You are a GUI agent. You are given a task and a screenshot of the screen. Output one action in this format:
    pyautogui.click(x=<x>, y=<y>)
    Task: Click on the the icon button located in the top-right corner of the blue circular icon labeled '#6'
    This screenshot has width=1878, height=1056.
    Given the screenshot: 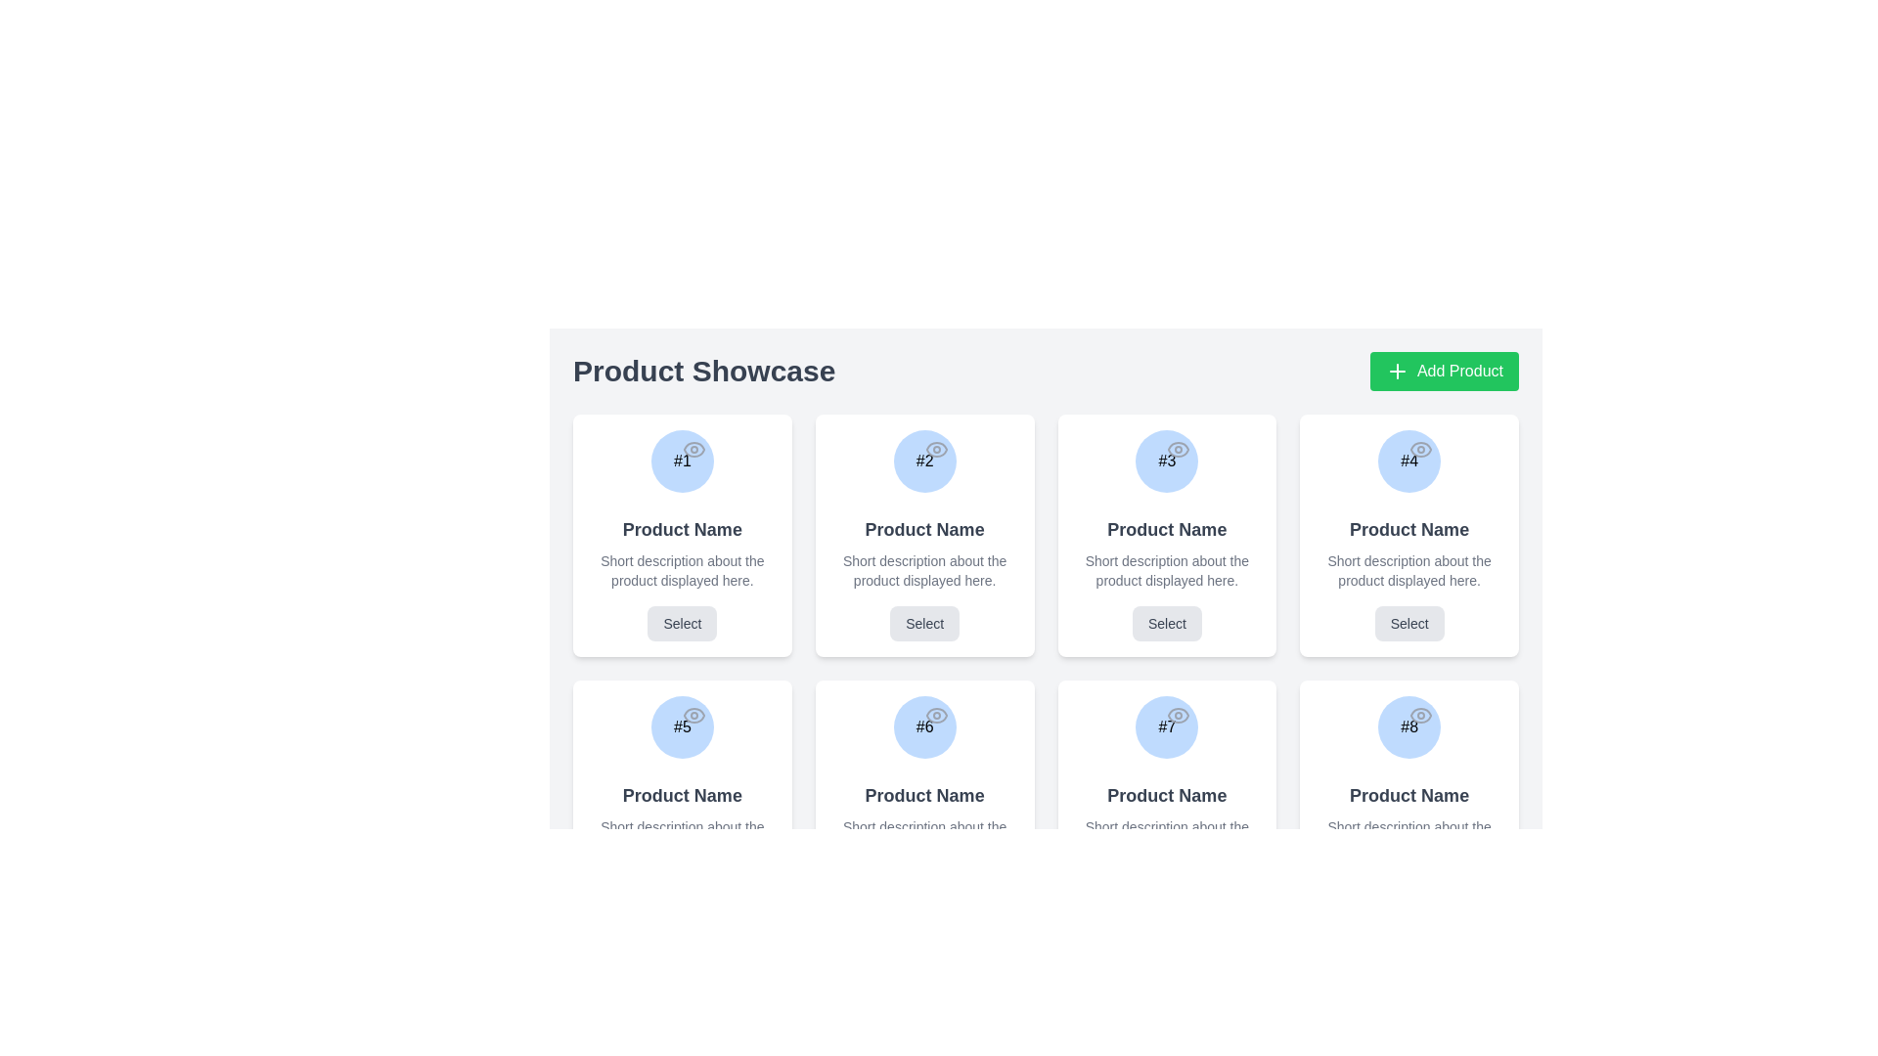 What is the action you would take?
    pyautogui.click(x=935, y=716)
    